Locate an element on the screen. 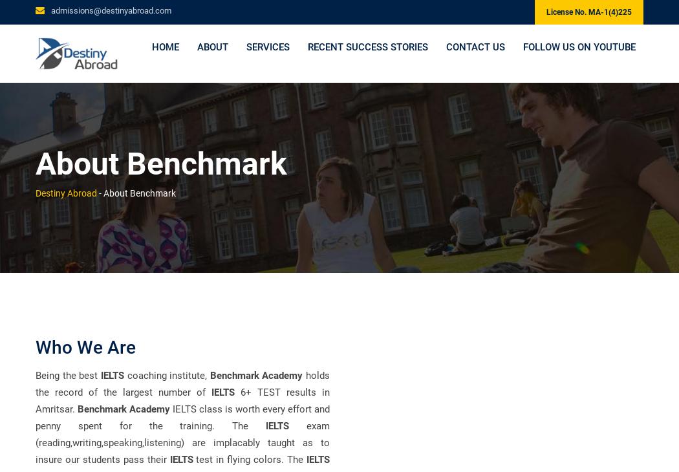 This screenshot has height=472, width=679. 'coaching institute,' is located at coordinates (166, 374).